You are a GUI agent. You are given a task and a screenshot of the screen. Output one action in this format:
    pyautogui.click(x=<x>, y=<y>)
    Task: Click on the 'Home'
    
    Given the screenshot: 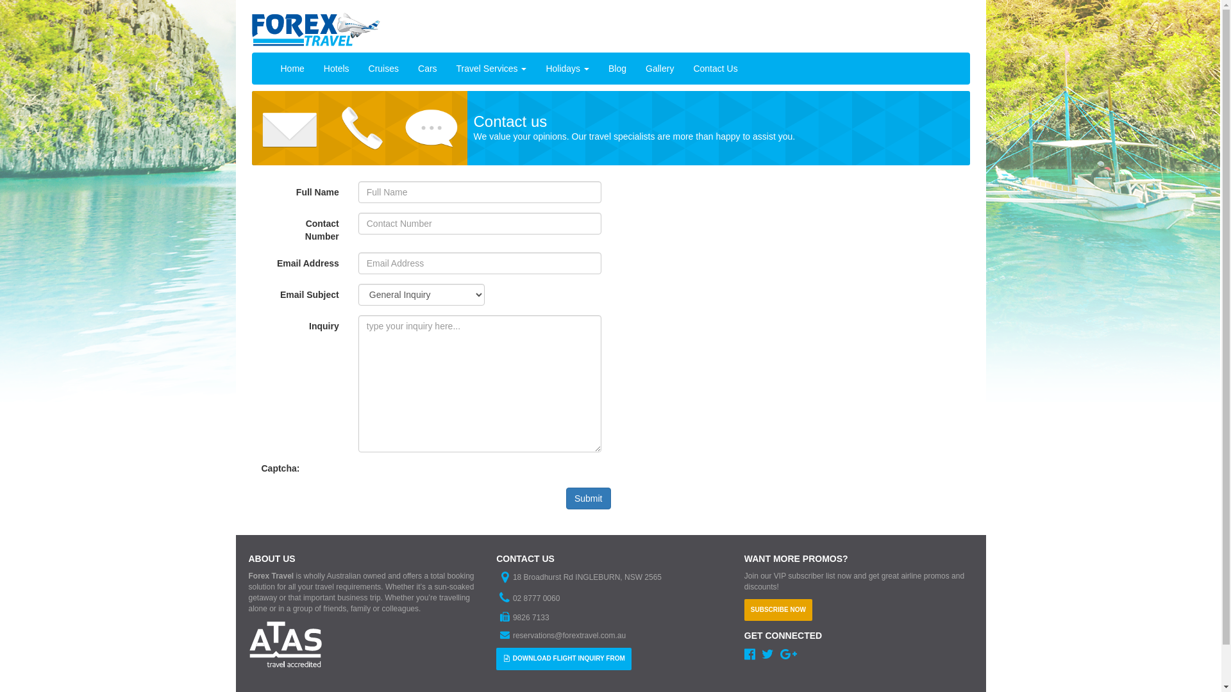 What is the action you would take?
    pyautogui.click(x=270, y=69)
    